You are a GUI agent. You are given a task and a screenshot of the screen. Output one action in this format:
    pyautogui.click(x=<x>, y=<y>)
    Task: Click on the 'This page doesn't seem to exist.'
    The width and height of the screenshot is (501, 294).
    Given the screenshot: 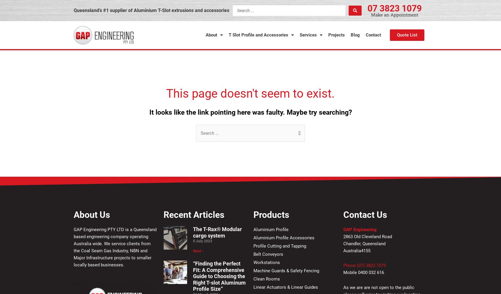 What is the action you would take?
    pyautogui.click(x=250, y=93)
    